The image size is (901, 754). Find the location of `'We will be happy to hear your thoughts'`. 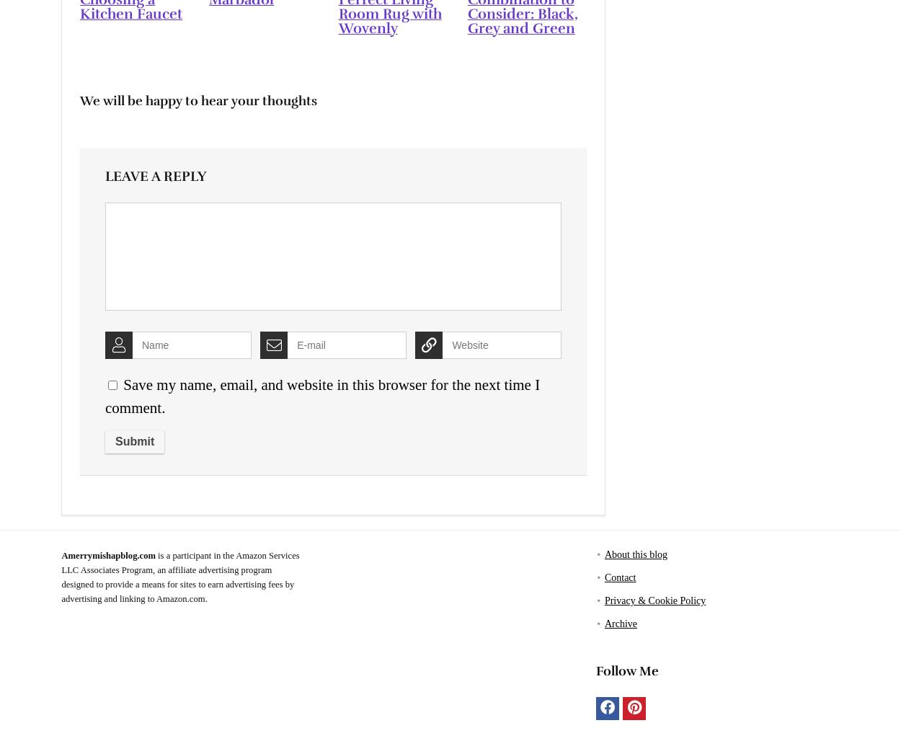

'We will be happy to hear your thoughts' is located at coordinates (198, 99).